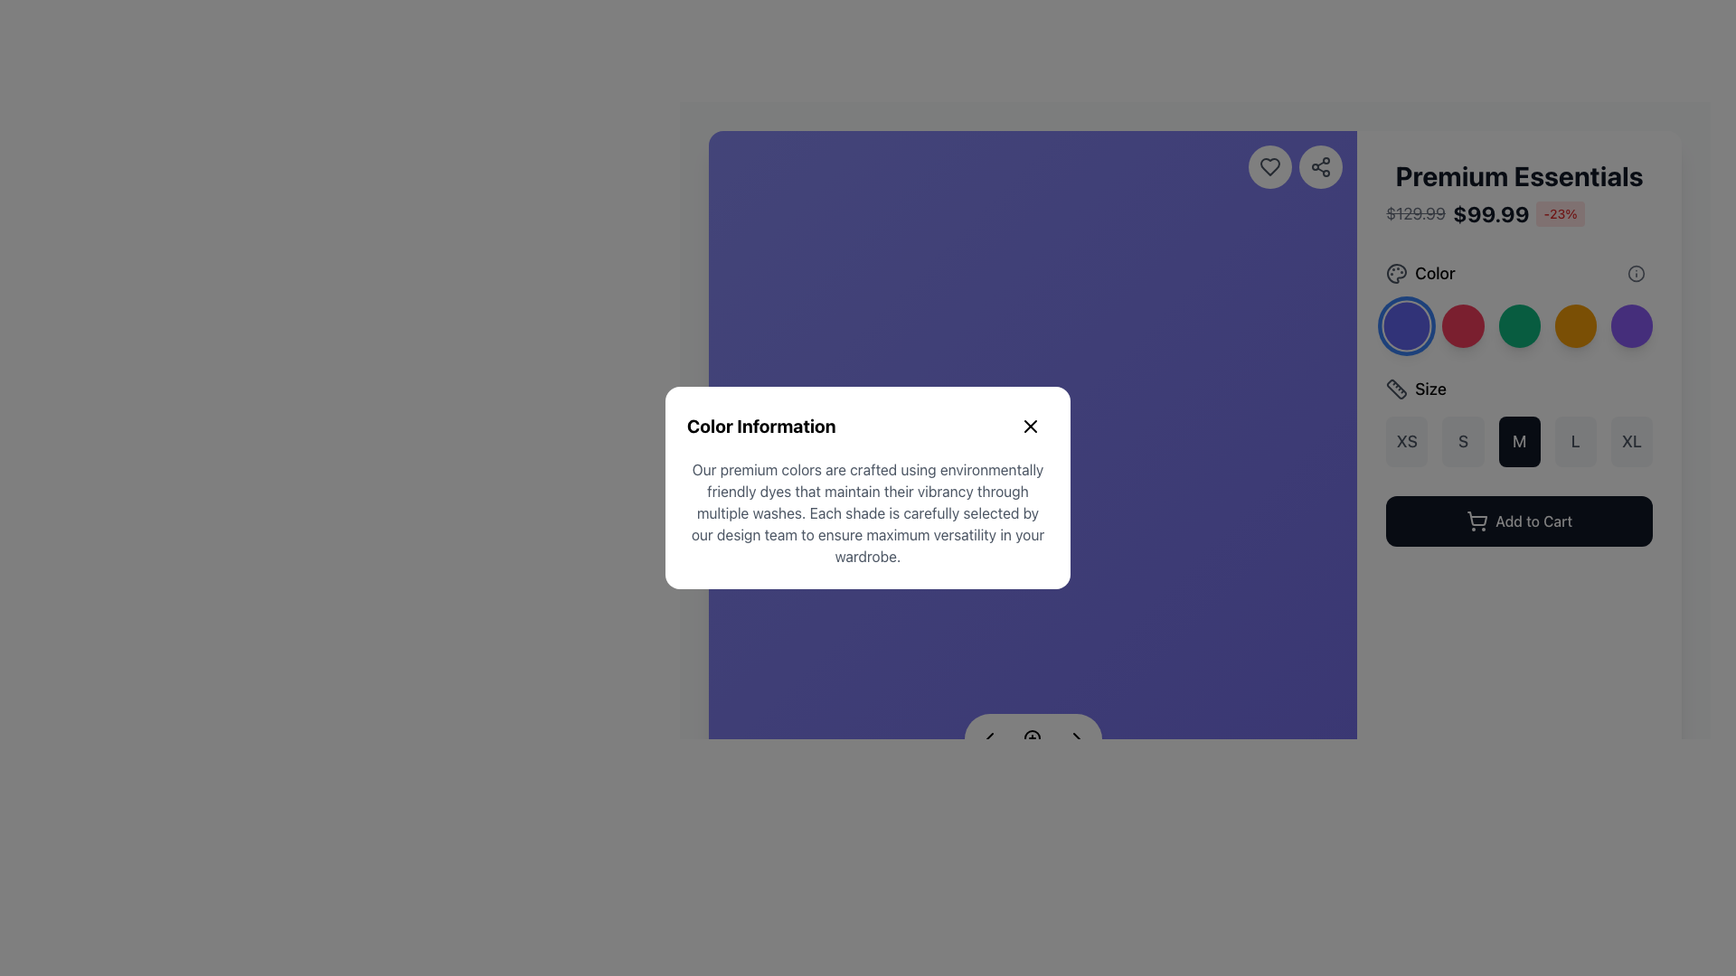 This screenshot has width=1736, height=976. What do you see at coordinates (1321, 167) in the screenshot?
I see `the share icon embedded within the circular button located in the top-right section of the interface, positioned to the right of the heart-shaped icon` at bounding box center [1321, 167].